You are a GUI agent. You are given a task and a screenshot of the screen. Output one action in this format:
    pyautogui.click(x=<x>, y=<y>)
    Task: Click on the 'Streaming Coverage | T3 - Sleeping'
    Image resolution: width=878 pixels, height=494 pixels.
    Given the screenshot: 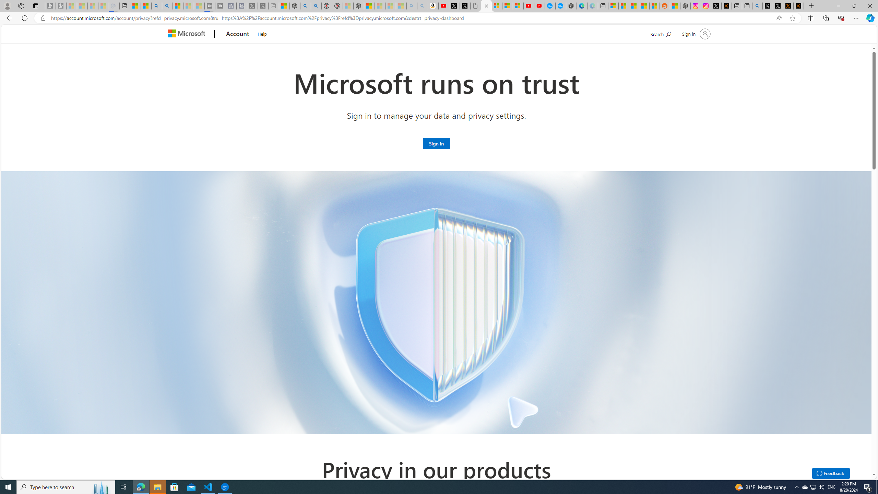 What is the action you would take?
    pyautogui.click(x=210, y=5)
    